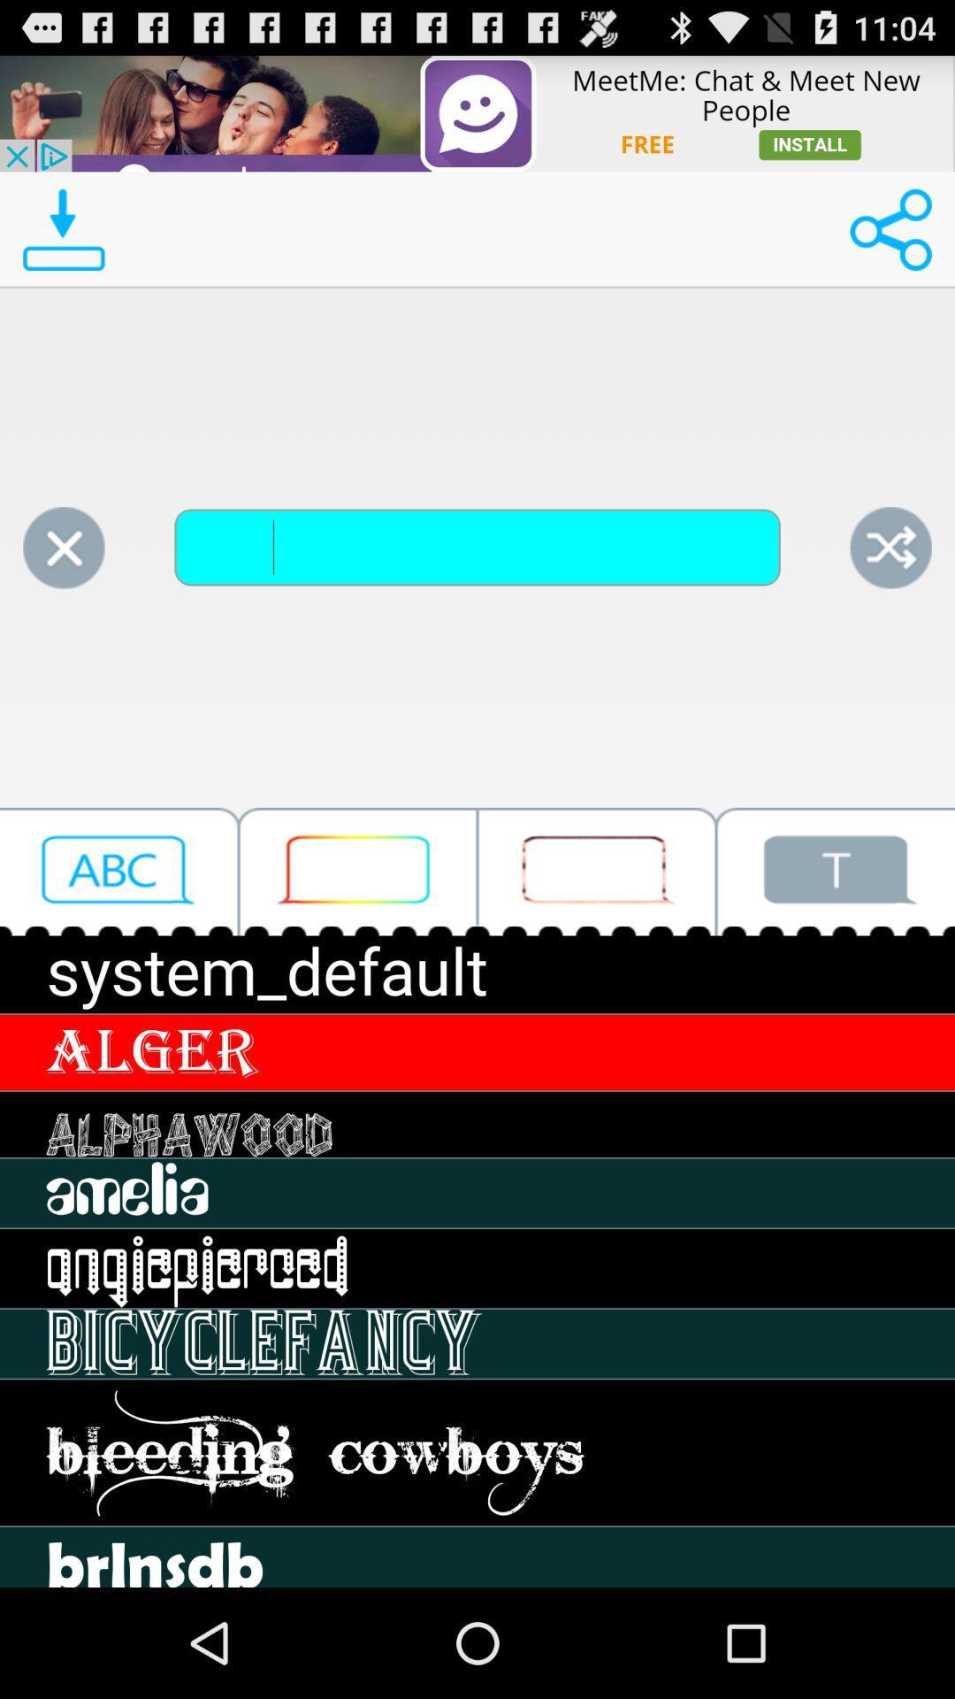 The width and height of the screenshot is (955, 1699). What do you see at coordinates (119, 872) in the screenshot?
I see `click letter button` at bounding box center [119, 872].